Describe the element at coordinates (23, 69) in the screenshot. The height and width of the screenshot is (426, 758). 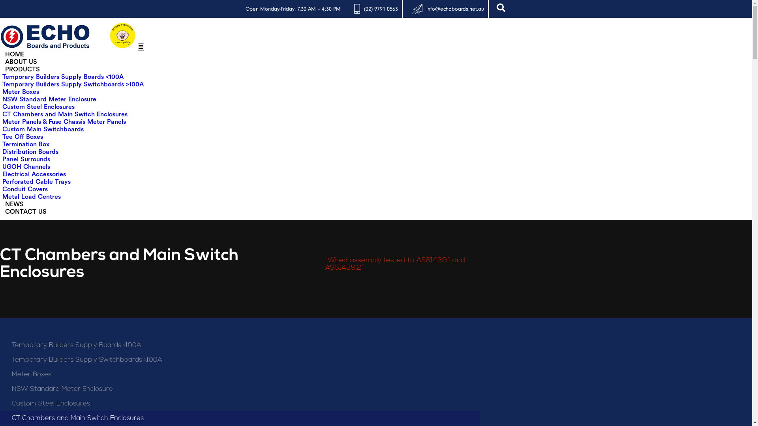
I see `'PRODUCTS'` at that location.